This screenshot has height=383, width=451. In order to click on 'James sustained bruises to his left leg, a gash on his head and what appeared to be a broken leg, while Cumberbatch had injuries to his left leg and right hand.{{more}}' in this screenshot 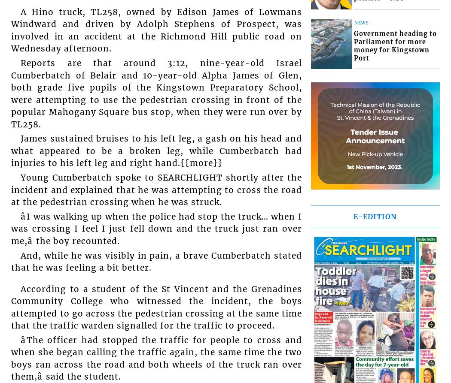, I will do `click(156, 151)`.